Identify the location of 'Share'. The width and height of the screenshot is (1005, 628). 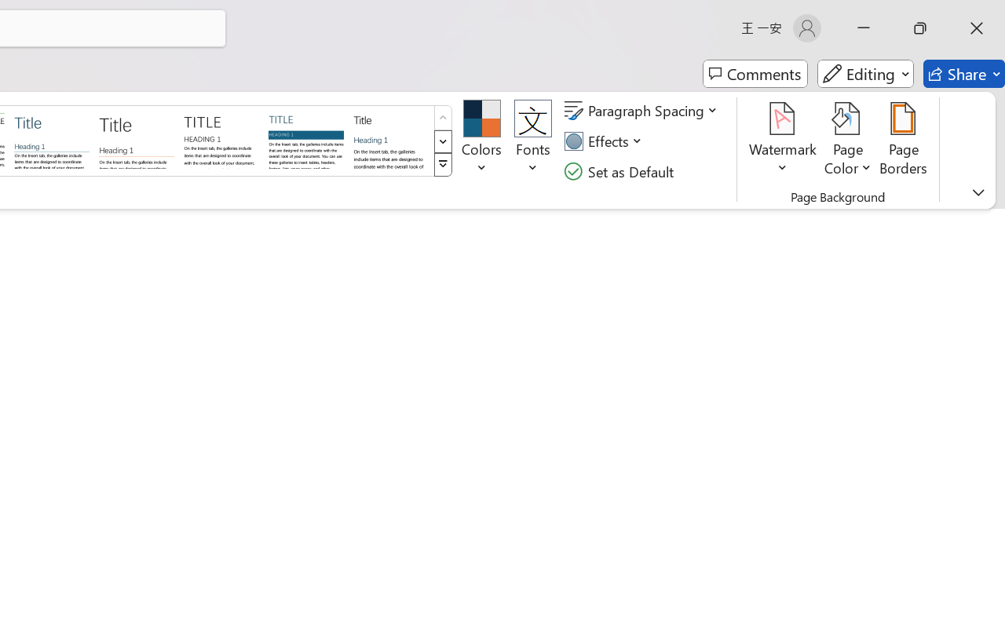
(963, 74).